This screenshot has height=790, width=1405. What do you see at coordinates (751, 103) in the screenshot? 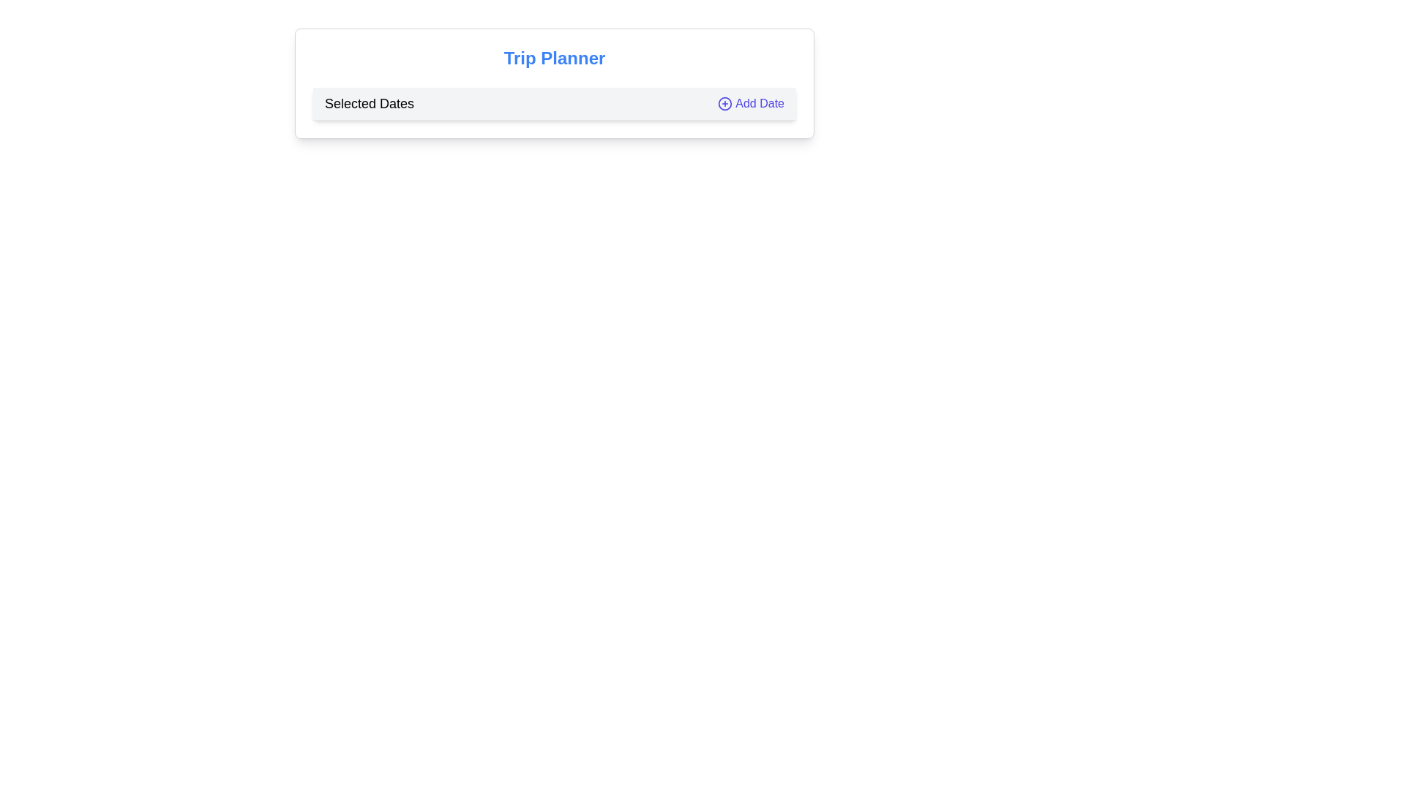
I see `the button located in the top-right corner of the 'Selected Dates' bar` at bounding box center [751, 103].